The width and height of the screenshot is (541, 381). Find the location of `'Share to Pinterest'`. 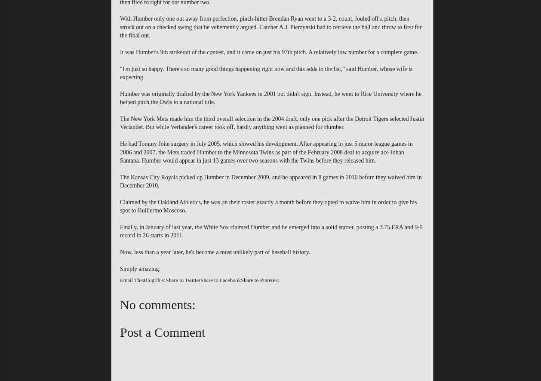

'Share to Pinterest' is located at coordinates (259, 280).